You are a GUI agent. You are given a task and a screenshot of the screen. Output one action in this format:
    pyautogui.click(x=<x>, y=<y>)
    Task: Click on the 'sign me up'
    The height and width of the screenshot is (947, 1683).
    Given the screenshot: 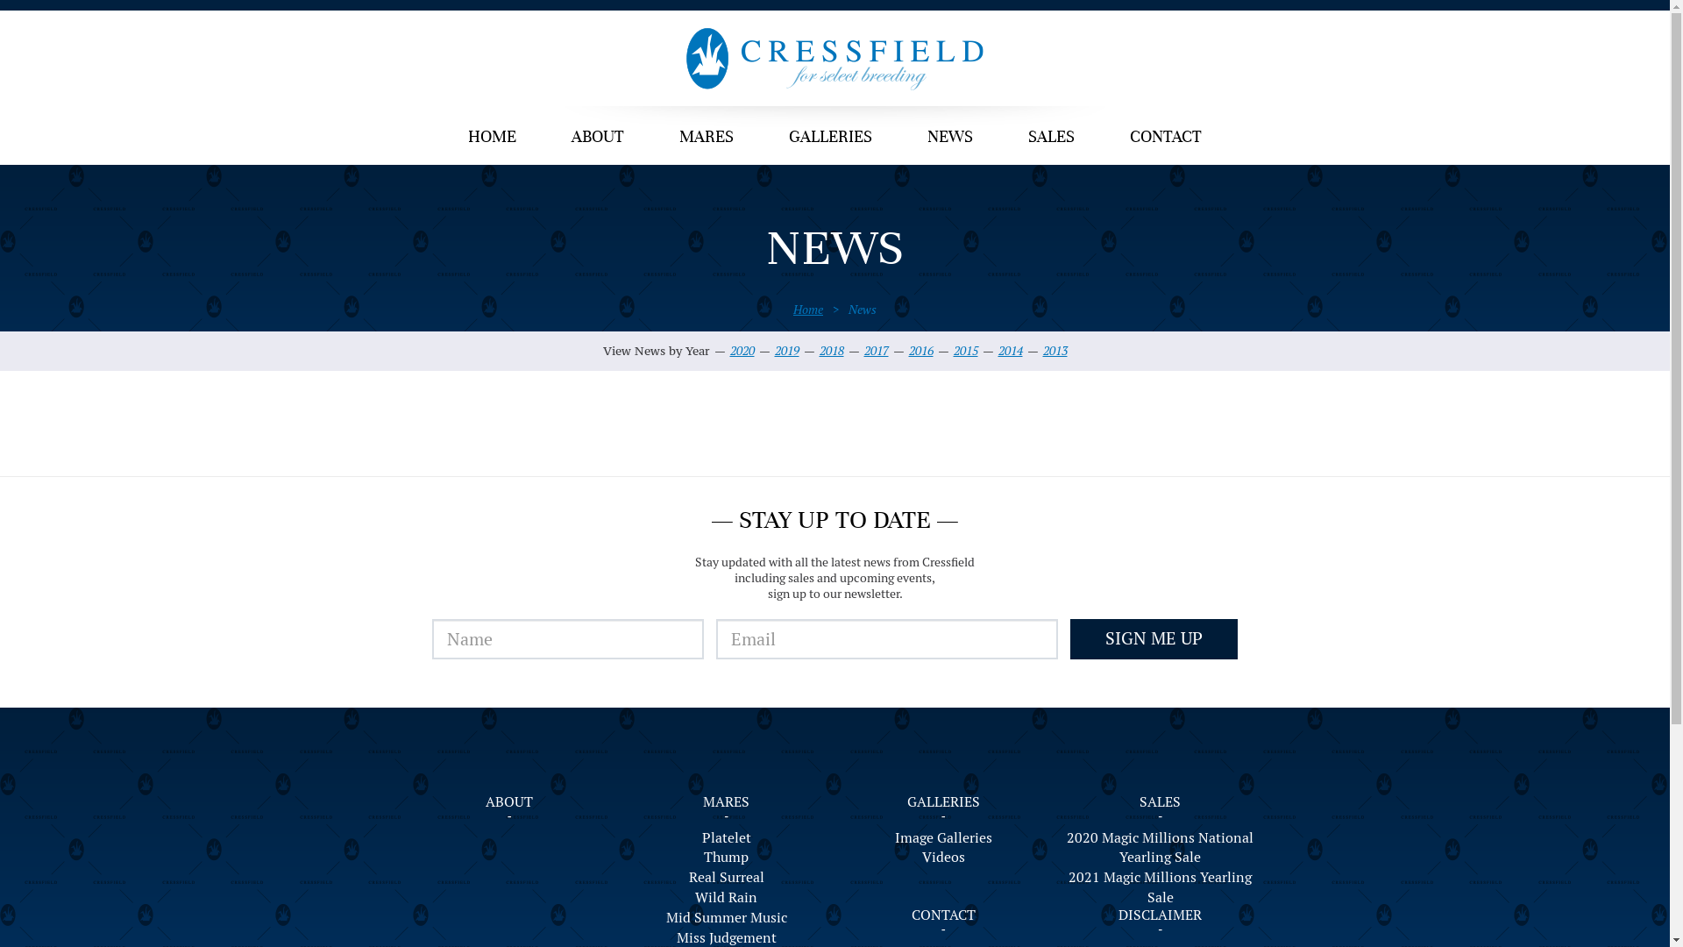 What is the action you would take?
    pyautogui.click(x=1069, y=639)
    